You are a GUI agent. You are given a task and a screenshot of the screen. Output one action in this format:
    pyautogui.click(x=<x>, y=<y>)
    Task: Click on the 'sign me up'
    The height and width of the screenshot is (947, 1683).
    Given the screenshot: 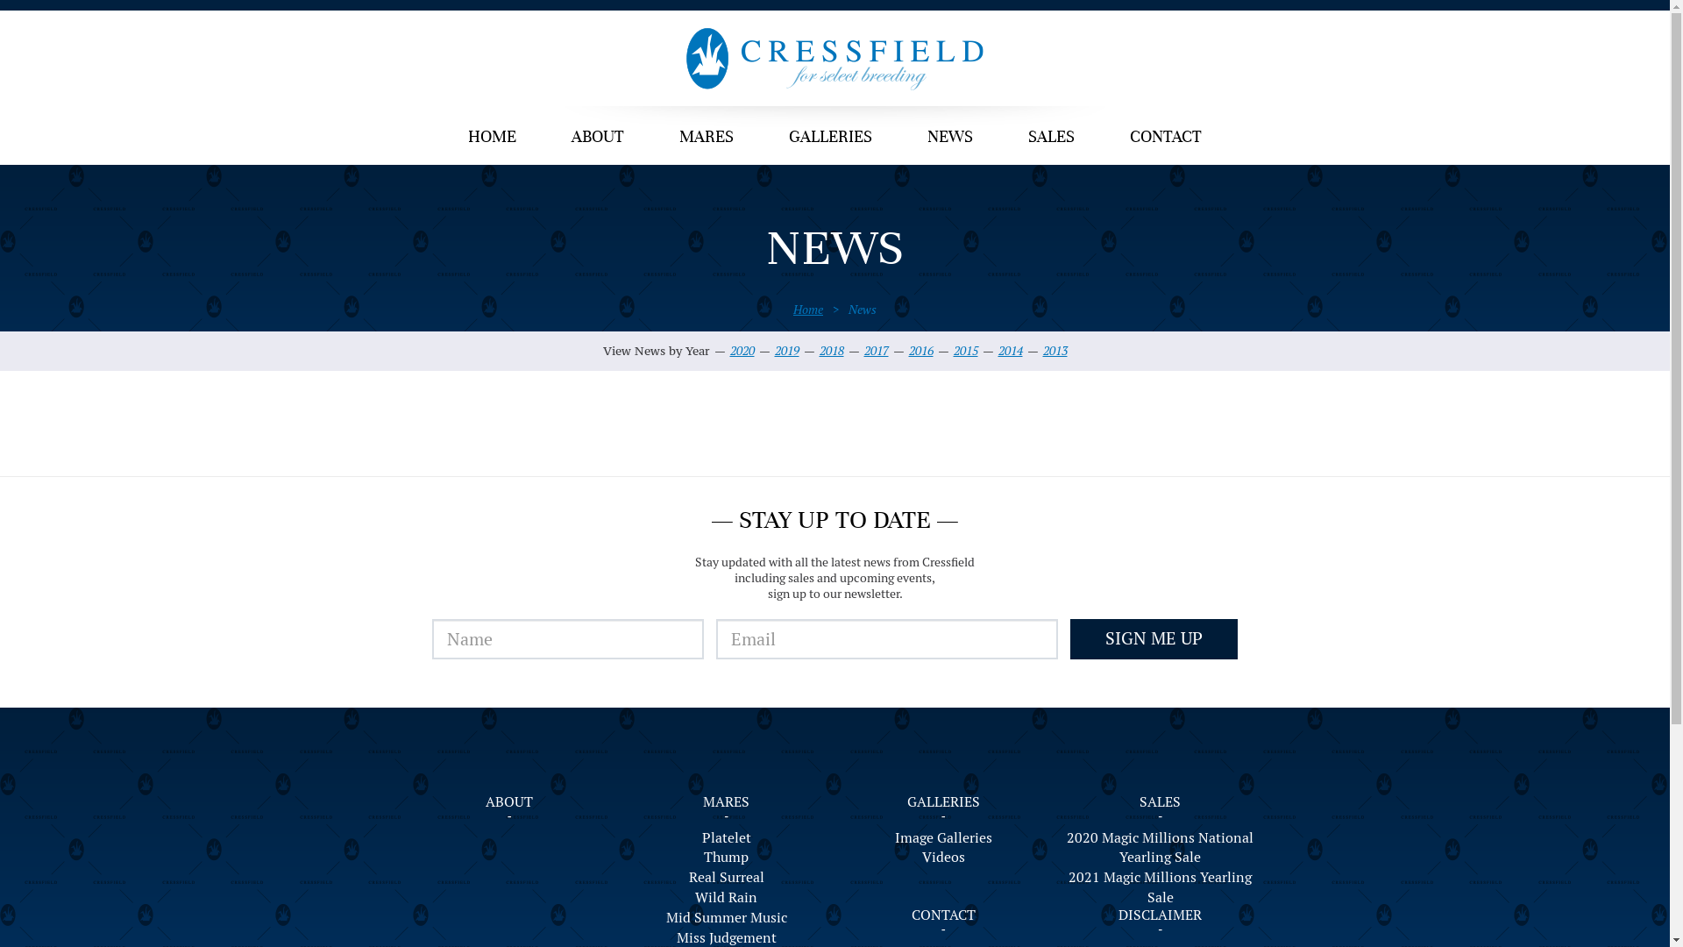 What is the action you would take?
    pyautogui.click(x=1069, y=639)
    